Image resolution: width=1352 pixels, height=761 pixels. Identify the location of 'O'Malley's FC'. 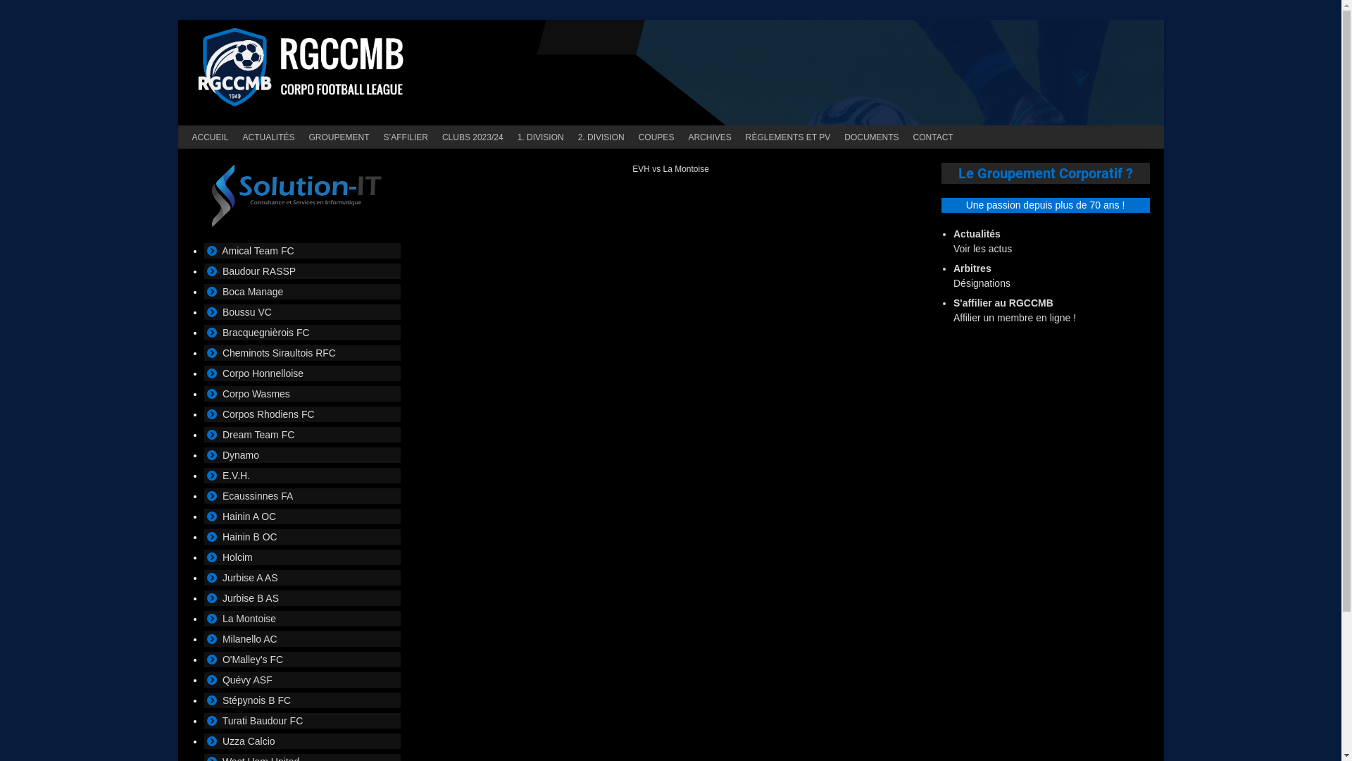
(253, 660).